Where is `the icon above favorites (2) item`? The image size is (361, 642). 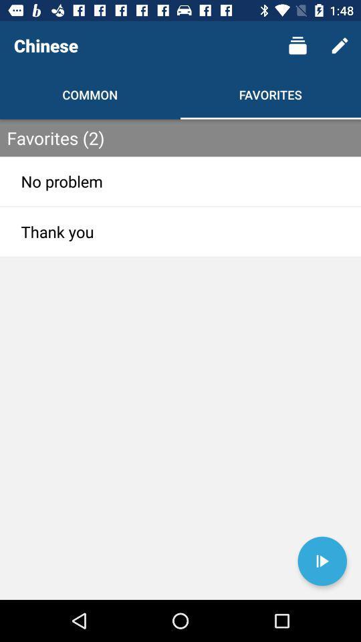
the icon above favorites (2) item is located at coordinates (340, 45).